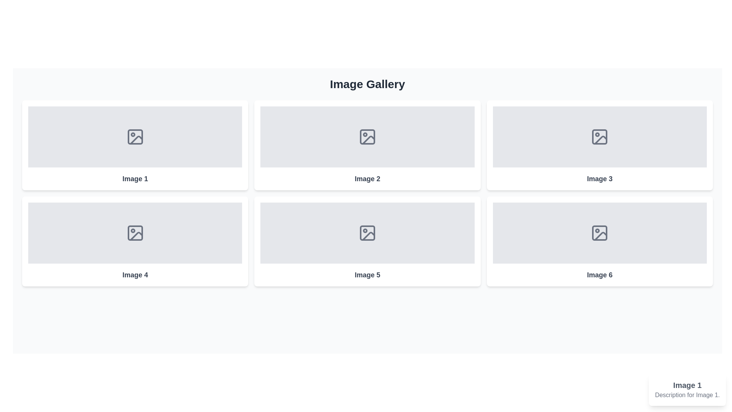 The height and width of the screenshot is (412, 732). Describe the element at coordinates (135, 232) in the screenshot. I see `the gray image placeholder icon featuring a landscape illustration, which is centered in the fourth card of a two-row grid` at that location.